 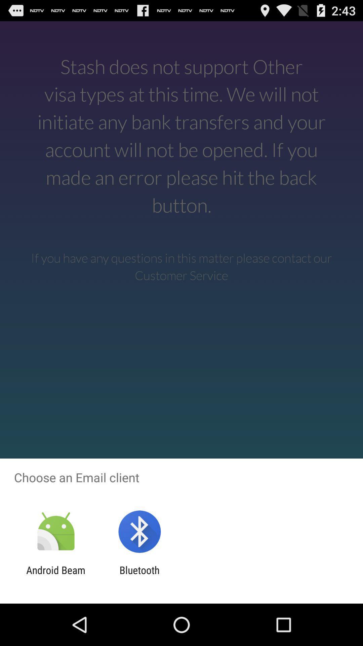 What do you see at coordinates (139, 576) in the screenshot?
I see `bluetooth item` at bounding box center [139, 576].